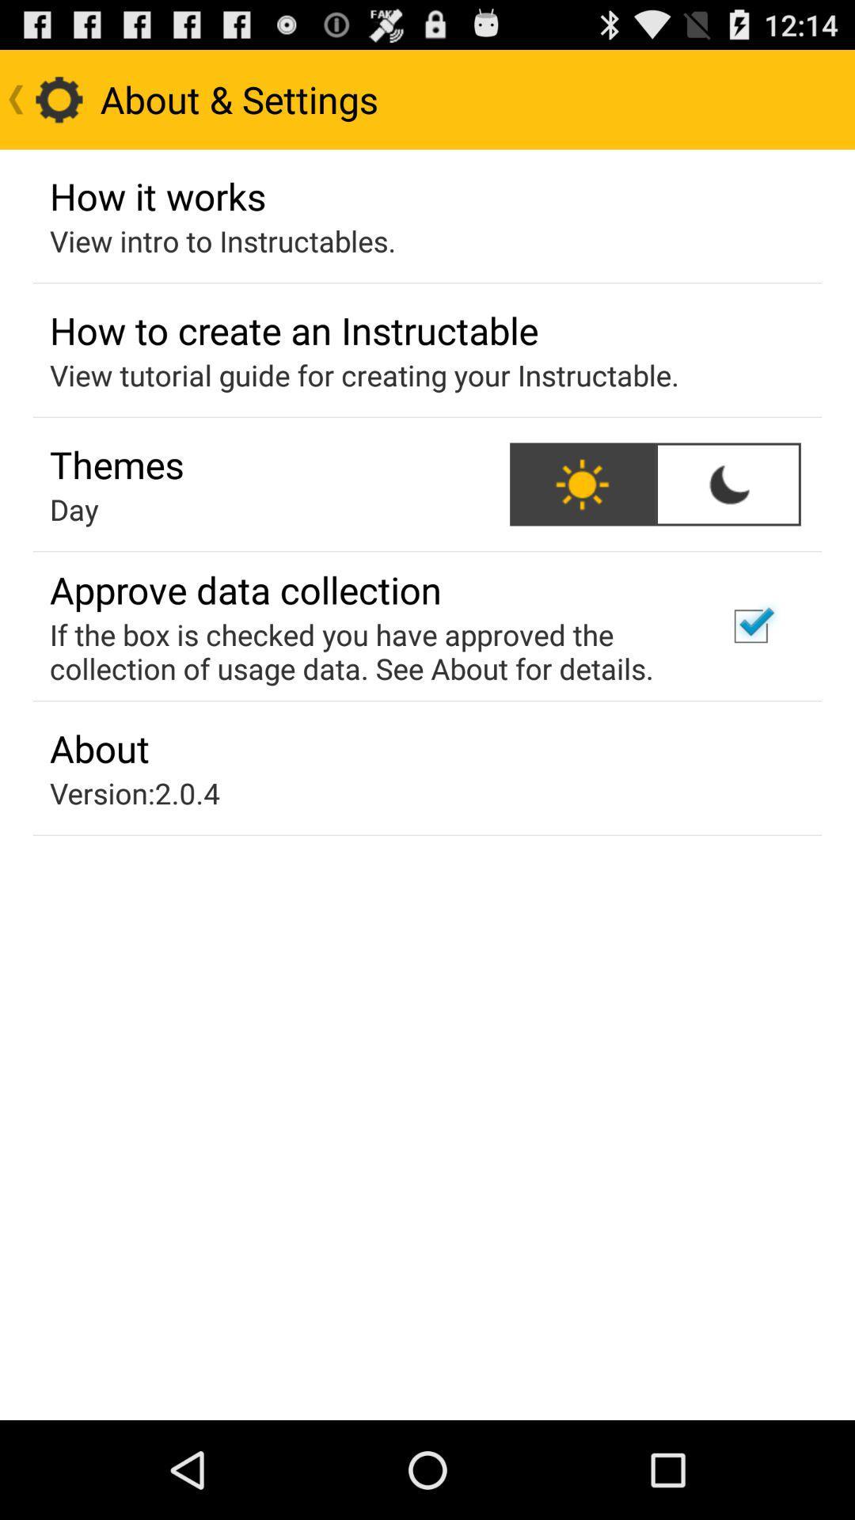 The width and height of the screenshot is (855, 1520). Describe the element at coordinates (74, 509) in the screenshot. I see `day icon` at that location.